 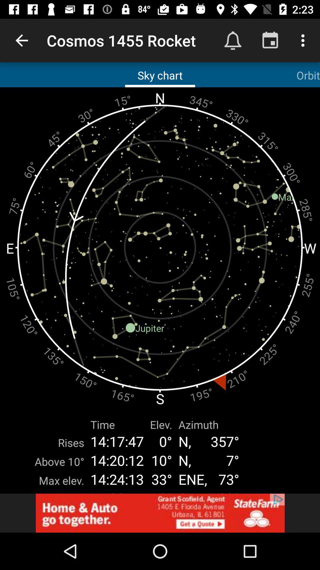 I want to click on the bell button at the top of the page, so click(x=233, y=40).